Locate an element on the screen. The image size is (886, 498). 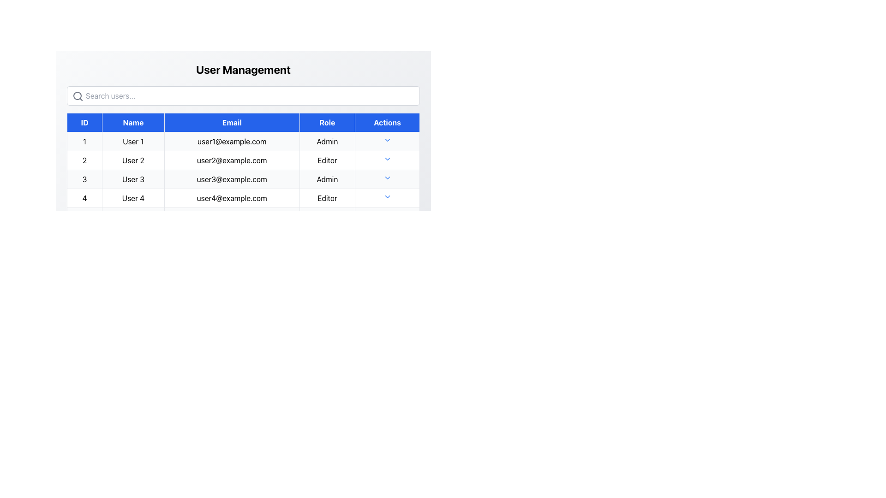
the SVG circle element that visually represents the search functionality, located next to the 'Search users...' input field is located at coordinates (78, 96).